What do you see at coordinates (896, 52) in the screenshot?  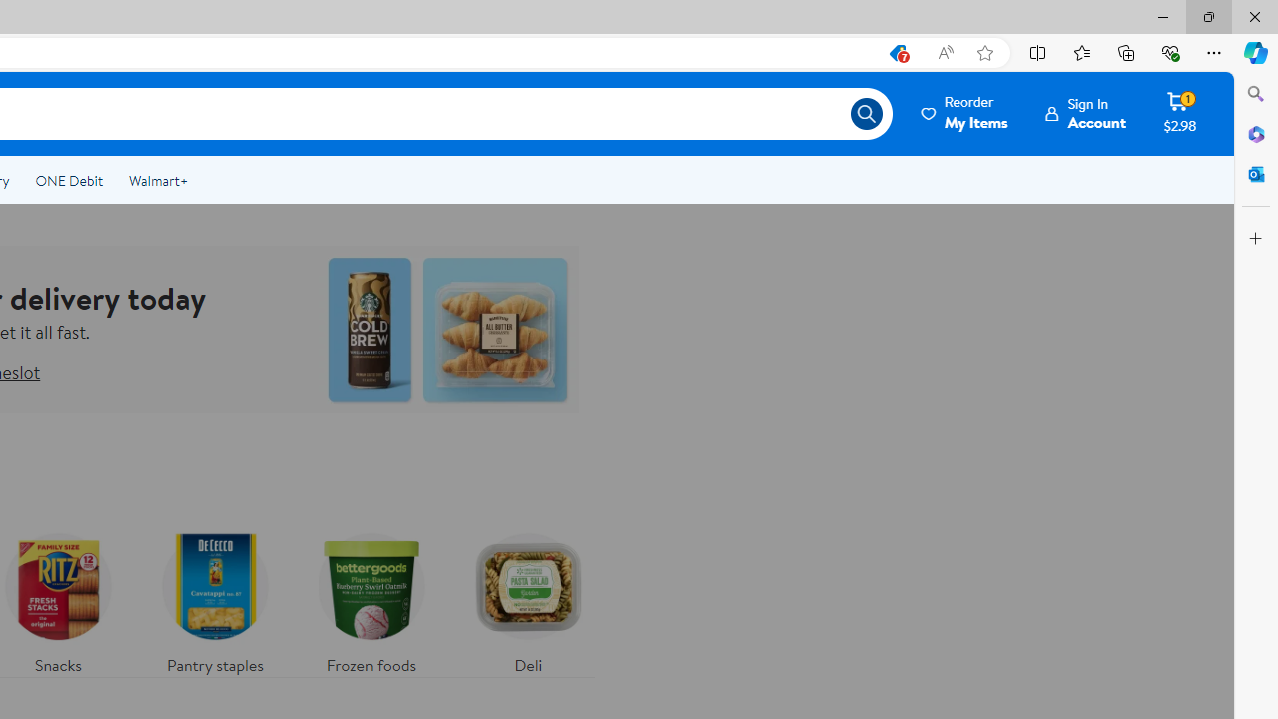 I see `'This site has coupons! Shopping in Microsoft Edge, 7'` at bounding box center [896, 52].